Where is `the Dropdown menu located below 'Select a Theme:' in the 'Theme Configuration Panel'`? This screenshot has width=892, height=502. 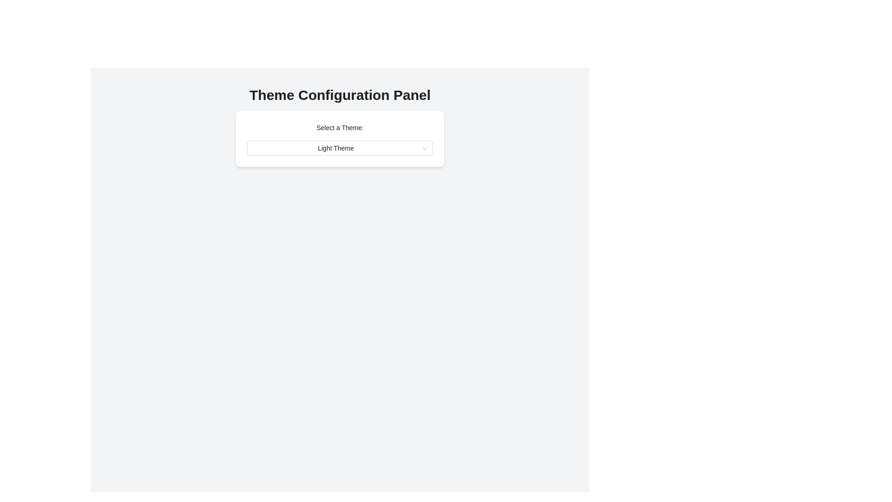 the Dropdown menu located below 'Select a Theme:' in the 'Theme Configuration Panel' is located at coordinates (339, 148).